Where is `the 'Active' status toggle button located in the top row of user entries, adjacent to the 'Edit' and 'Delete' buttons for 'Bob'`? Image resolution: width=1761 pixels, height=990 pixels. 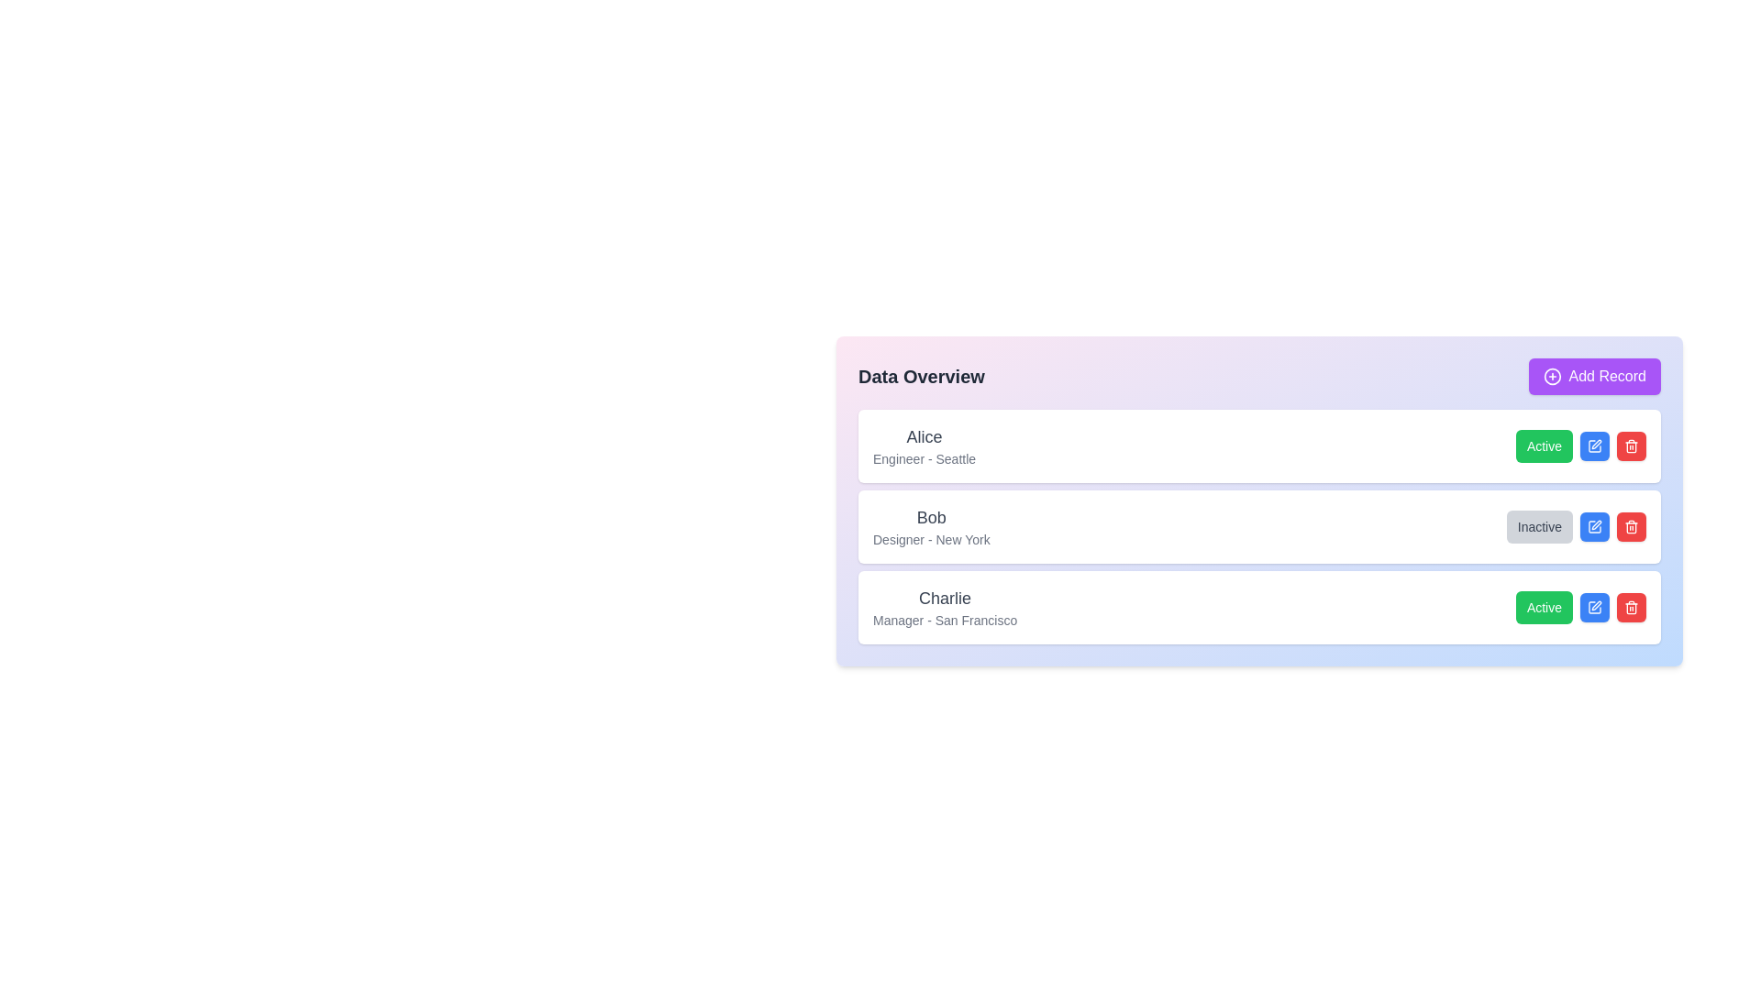
the 'Active' status toggle button located in the top row of user entries, adjacent to the 'Edit' and 'Delete' buttons for 'Bob' is located at coordinates (1544, 445).